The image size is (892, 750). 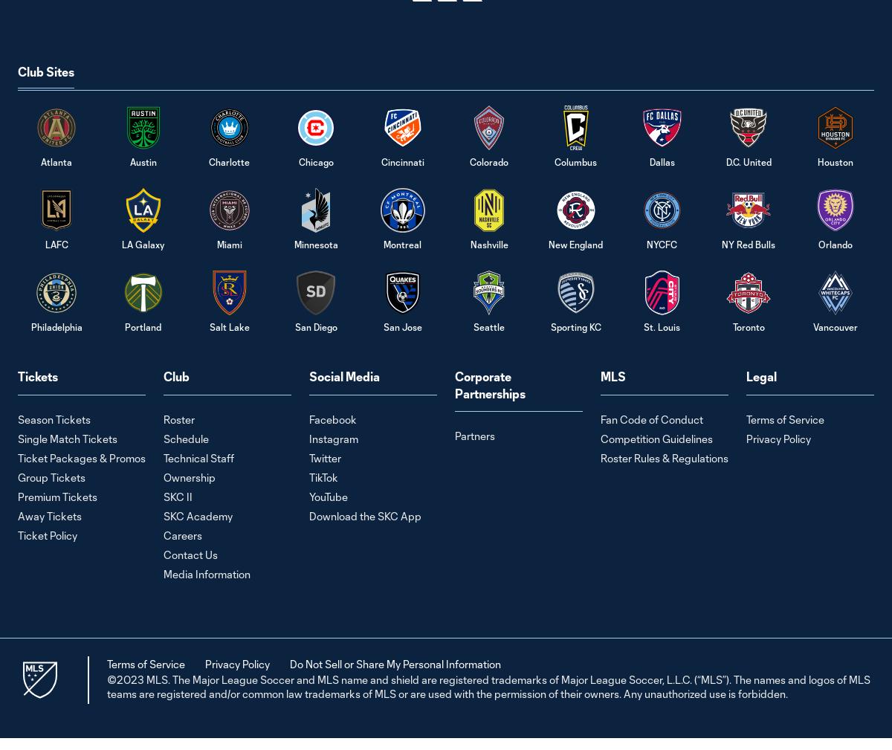 I want to click on 'Single Match Tickets', so click(x=67, y=438).